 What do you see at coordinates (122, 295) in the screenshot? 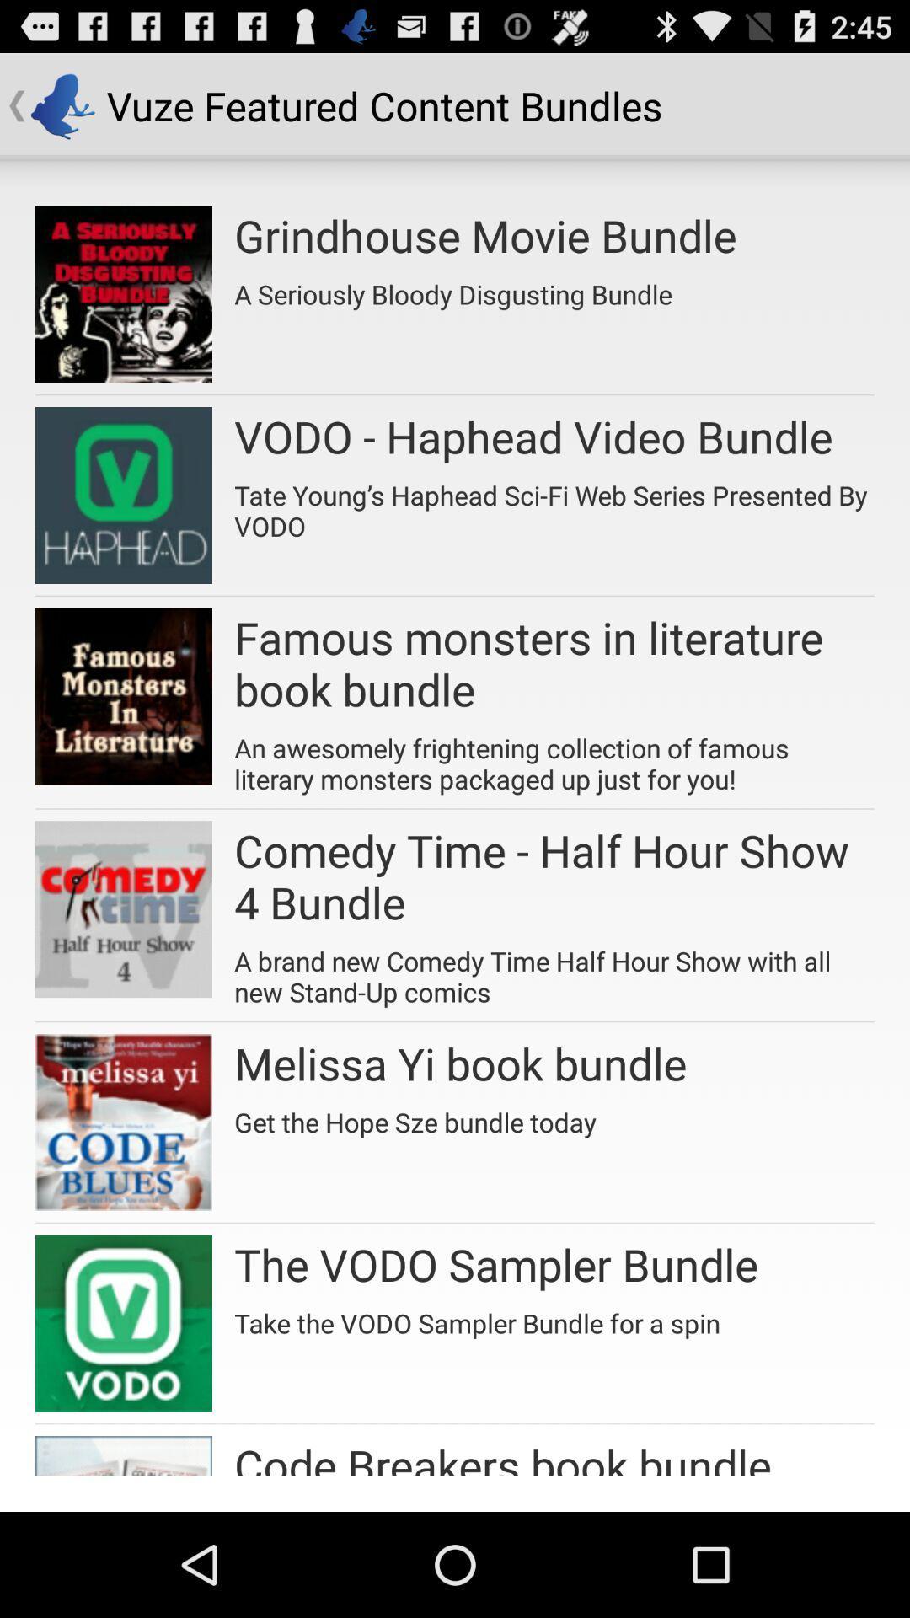
I see `first image in the list` at bounding box center [122, 295].